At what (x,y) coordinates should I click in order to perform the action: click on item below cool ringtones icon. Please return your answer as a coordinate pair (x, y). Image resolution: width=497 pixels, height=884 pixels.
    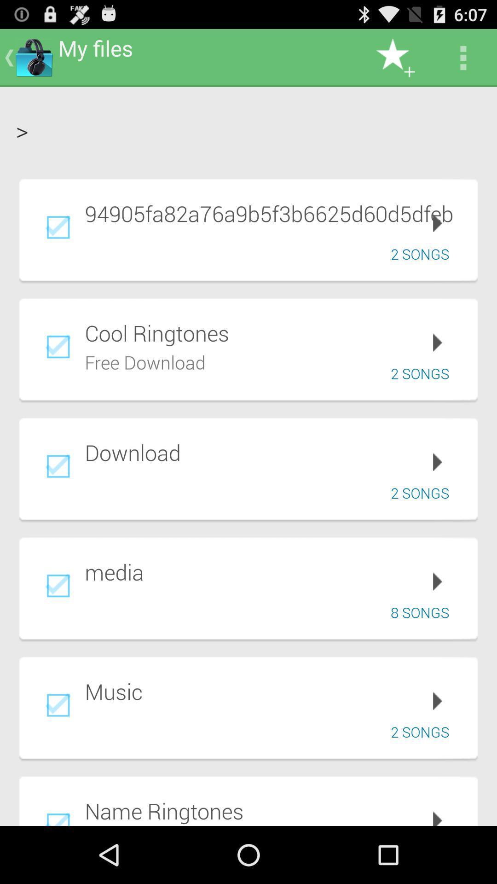
    Looking at the image, I should click on (145, 361).